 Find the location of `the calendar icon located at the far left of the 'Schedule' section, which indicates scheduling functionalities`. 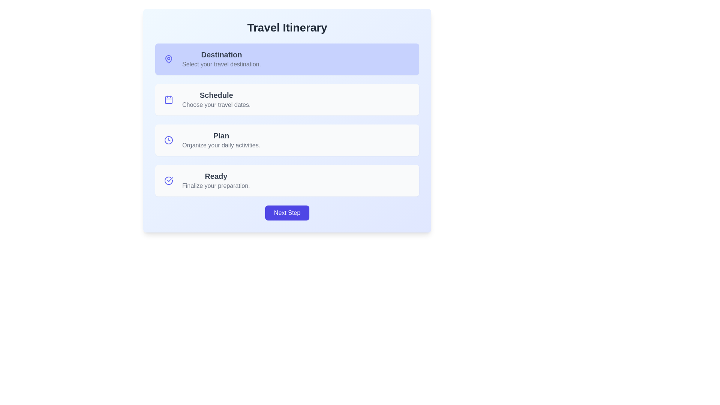

the calendar icon located at the far left of the 'Schedule' section, which indicates scheduling functionalities is located at coordinates (168, 99).